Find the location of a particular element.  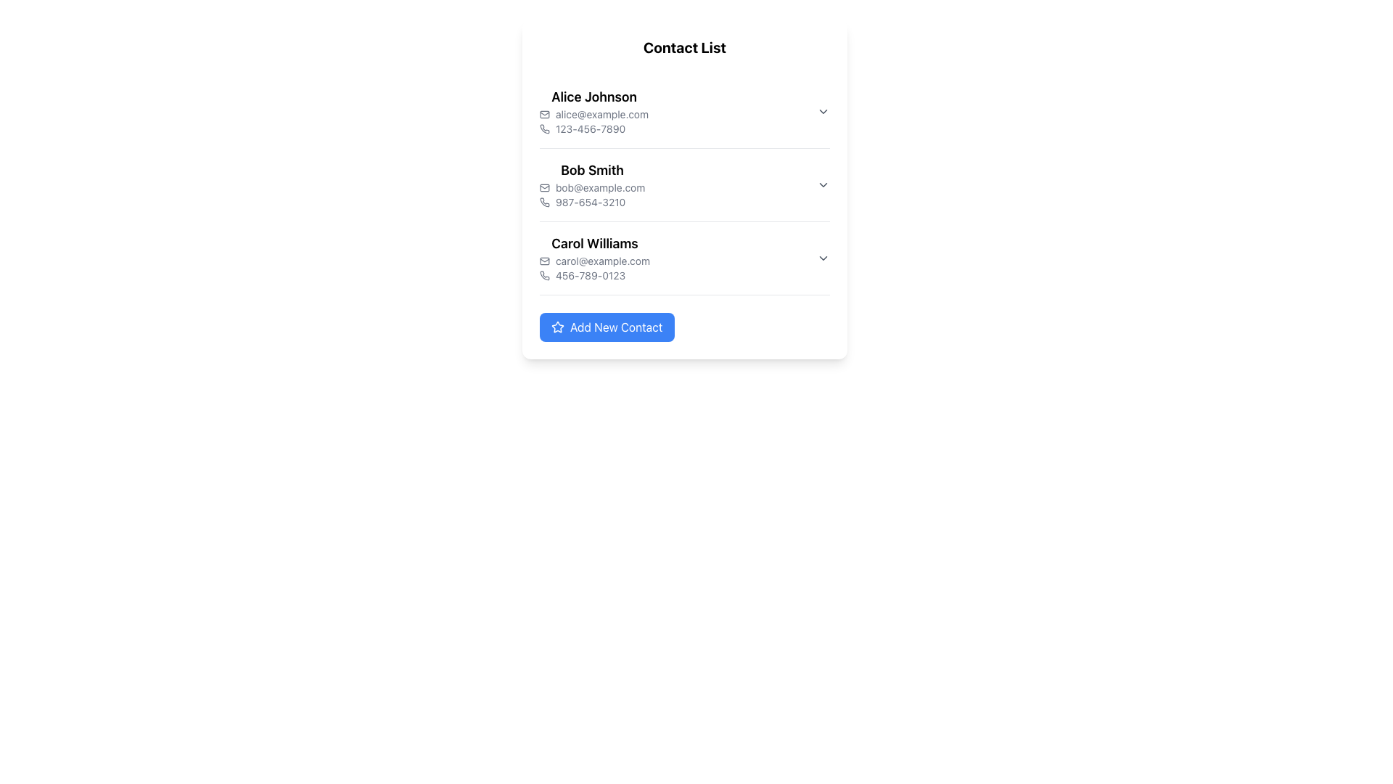

the third contact entry in the contact list to copy the email address associated with it is located at coordinates (595, 257).